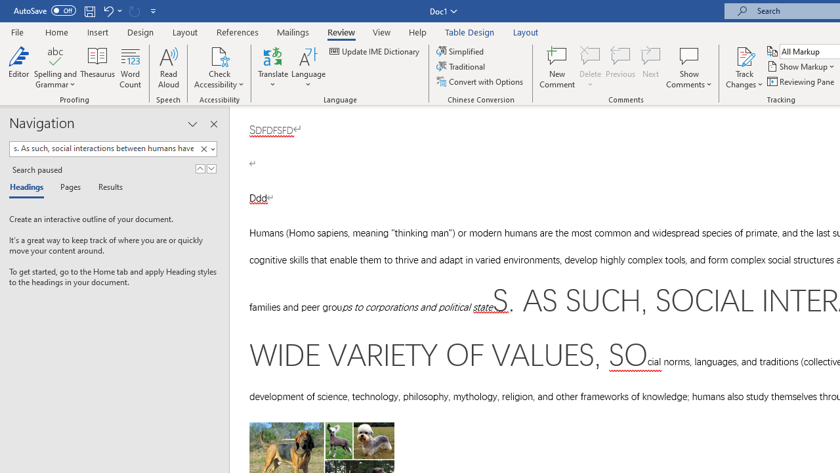 The width and height of the screenshot is (840, 473). Describe the element at coordinates (620, 68) in the screenshot. I see `'Previous'` at that location.